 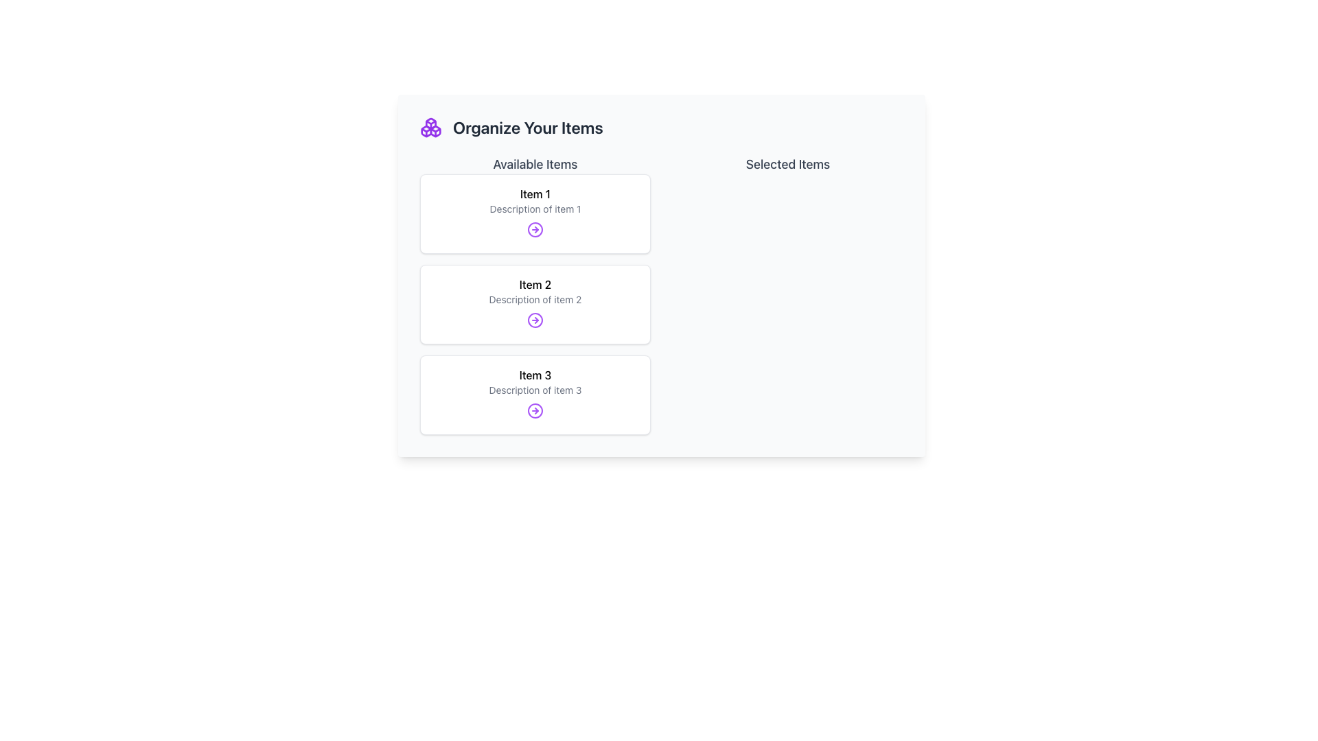 What do you see at coordinates (534, 320) in the screenshot?
I see `the circular outline in purple hue, which is the central part of the icon within the 'Item 2' card under 'Available Items'` at bounding box center [534, 320].